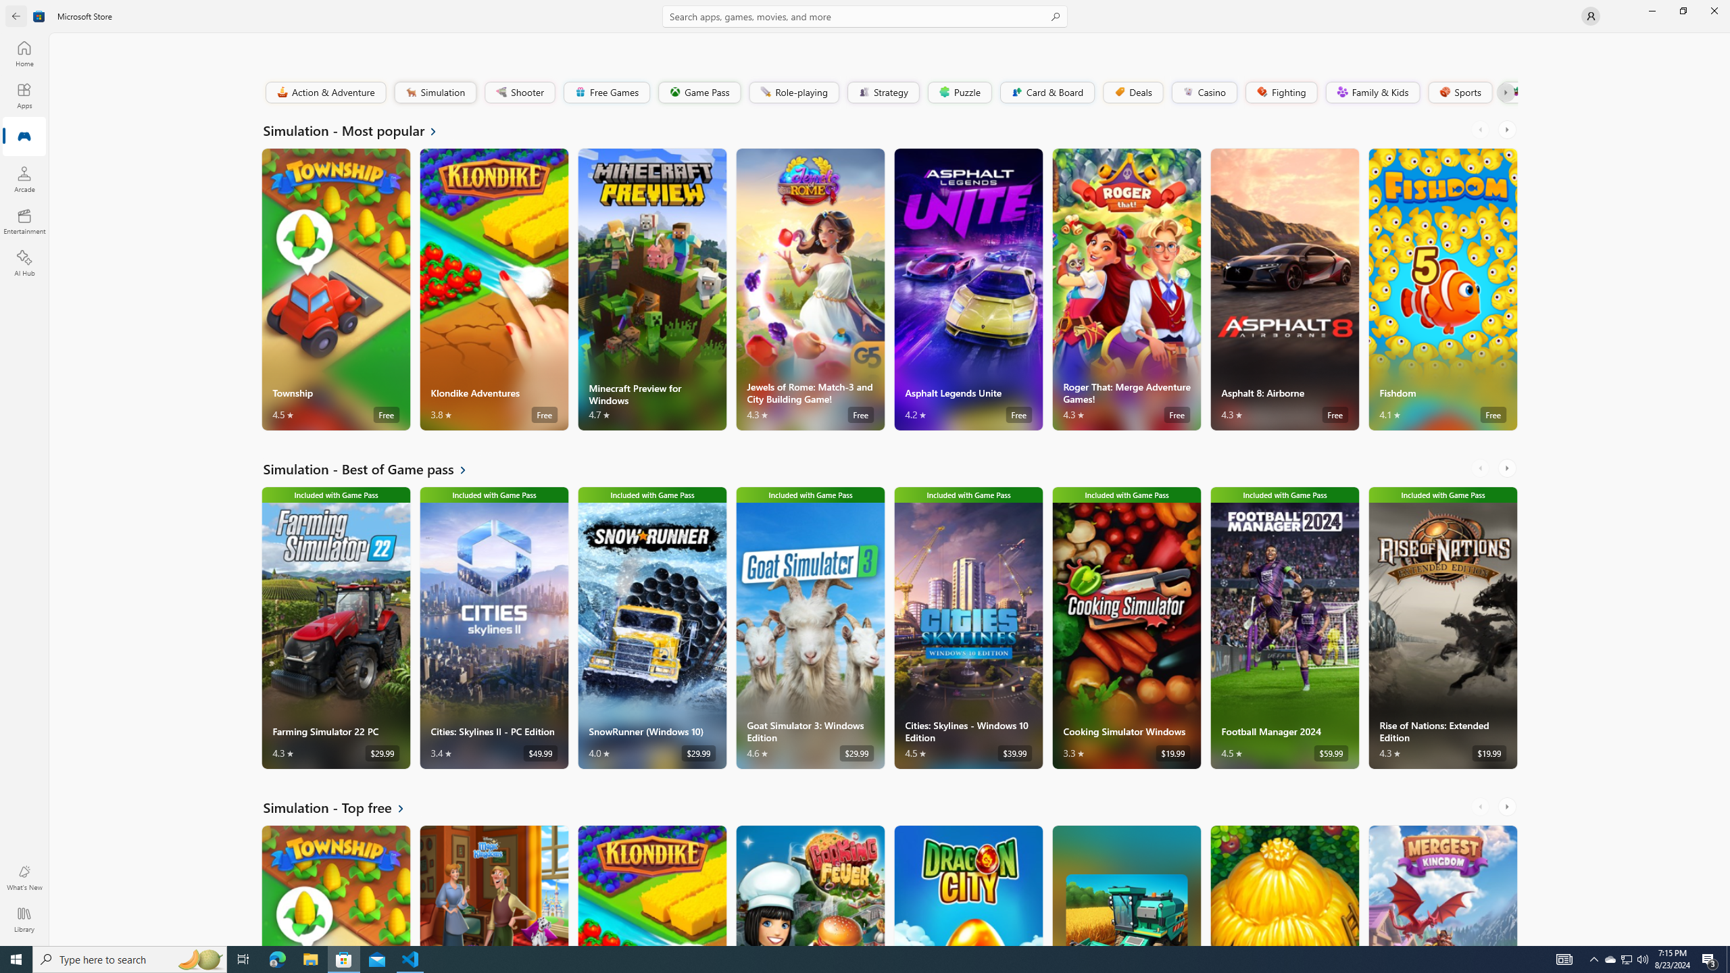  Describe the element at coordinates (325, 91) in the screenshot. I see `'Action & Adventure'` at that location.